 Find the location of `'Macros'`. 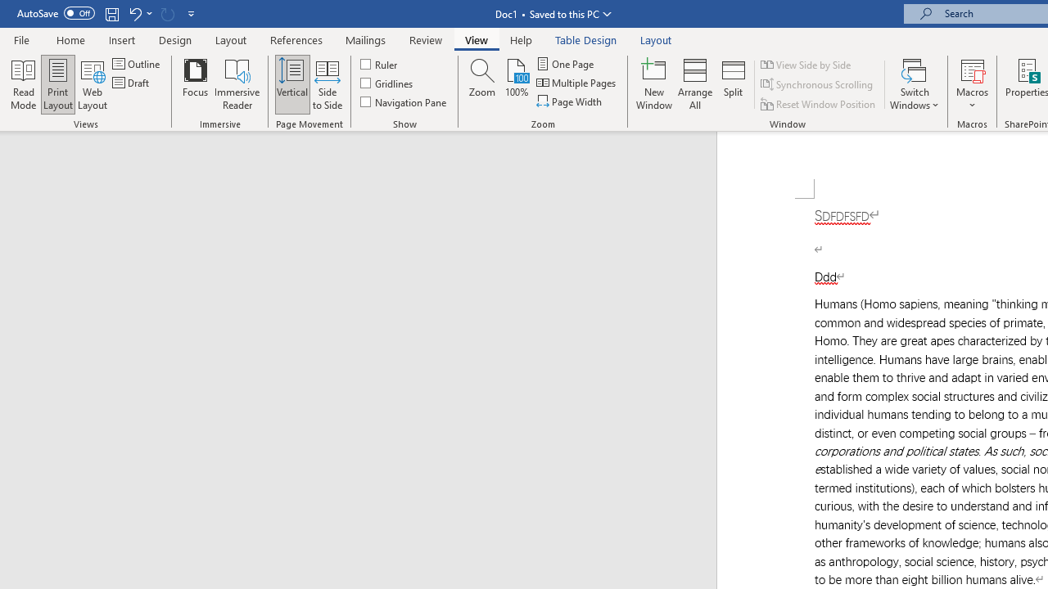

'Macros' is located at coordinates (972, 84).